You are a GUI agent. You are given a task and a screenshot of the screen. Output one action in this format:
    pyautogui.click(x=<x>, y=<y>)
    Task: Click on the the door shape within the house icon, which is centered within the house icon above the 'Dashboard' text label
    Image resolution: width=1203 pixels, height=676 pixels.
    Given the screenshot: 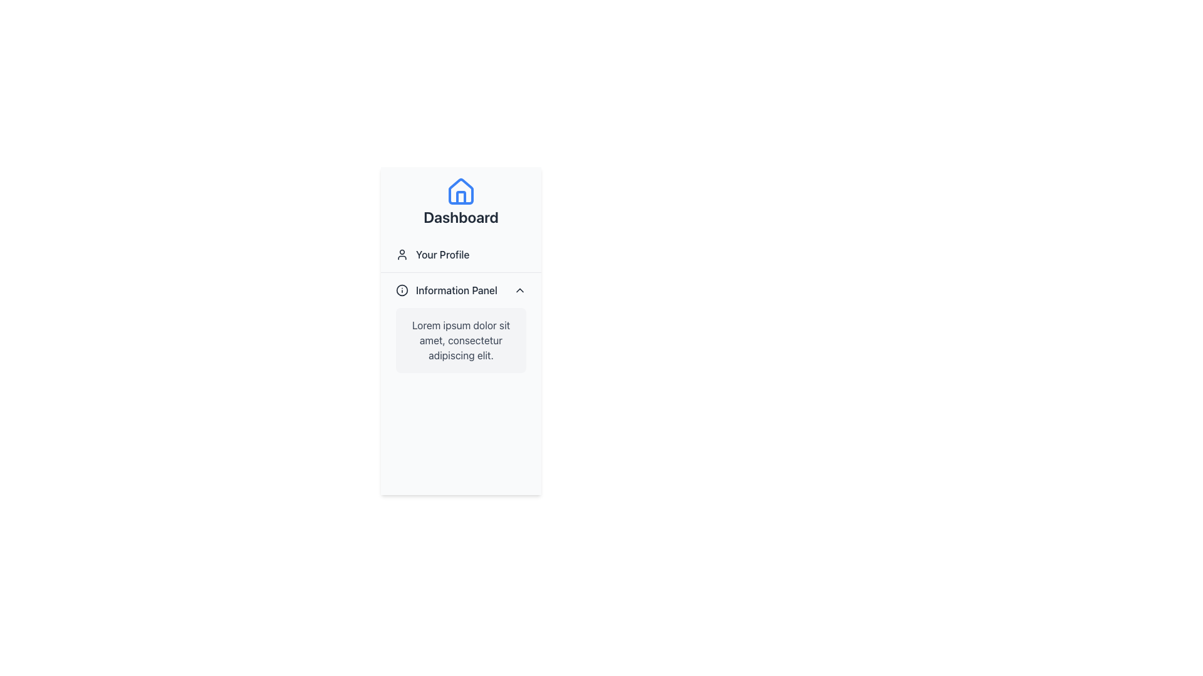 What is the action you would take?
    pyautogui.click(x=460, y=197)
    